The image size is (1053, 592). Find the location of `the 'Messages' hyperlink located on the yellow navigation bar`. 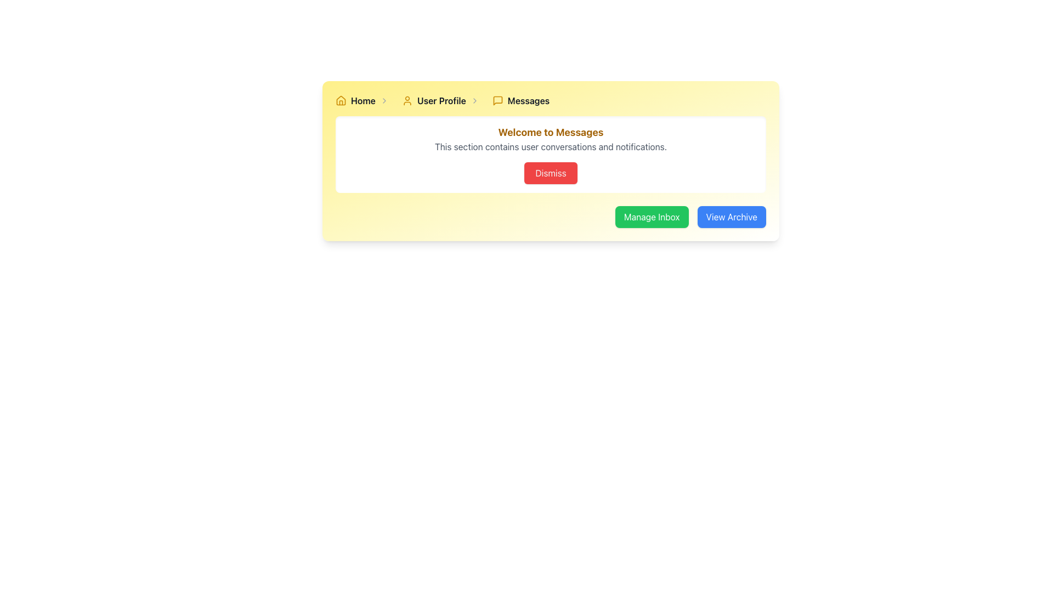

the 'Messages' hyperlink located on the yellow navigation bar is located at coordinates (529, 101).